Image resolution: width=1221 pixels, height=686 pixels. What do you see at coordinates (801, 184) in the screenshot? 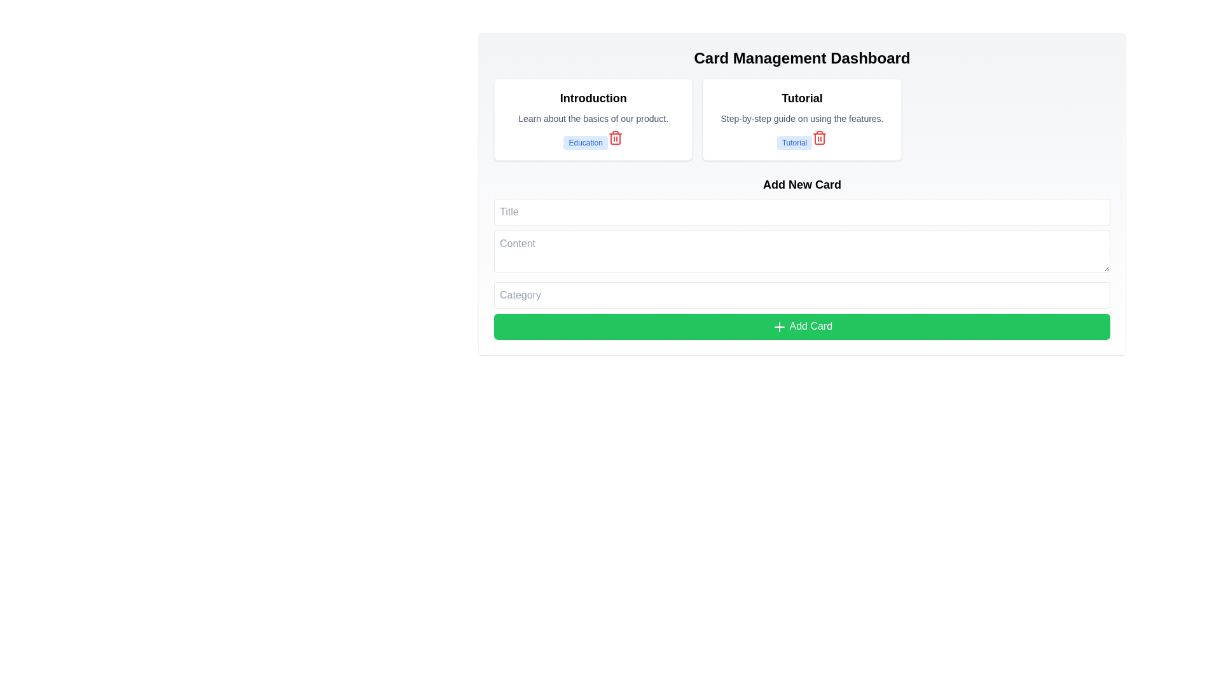
I see `the static text header that serves as an instruction for adding new cards, located centrally above the input fields for 'Title', 'Content', and 'Category'` at bounding box center [801, 184].